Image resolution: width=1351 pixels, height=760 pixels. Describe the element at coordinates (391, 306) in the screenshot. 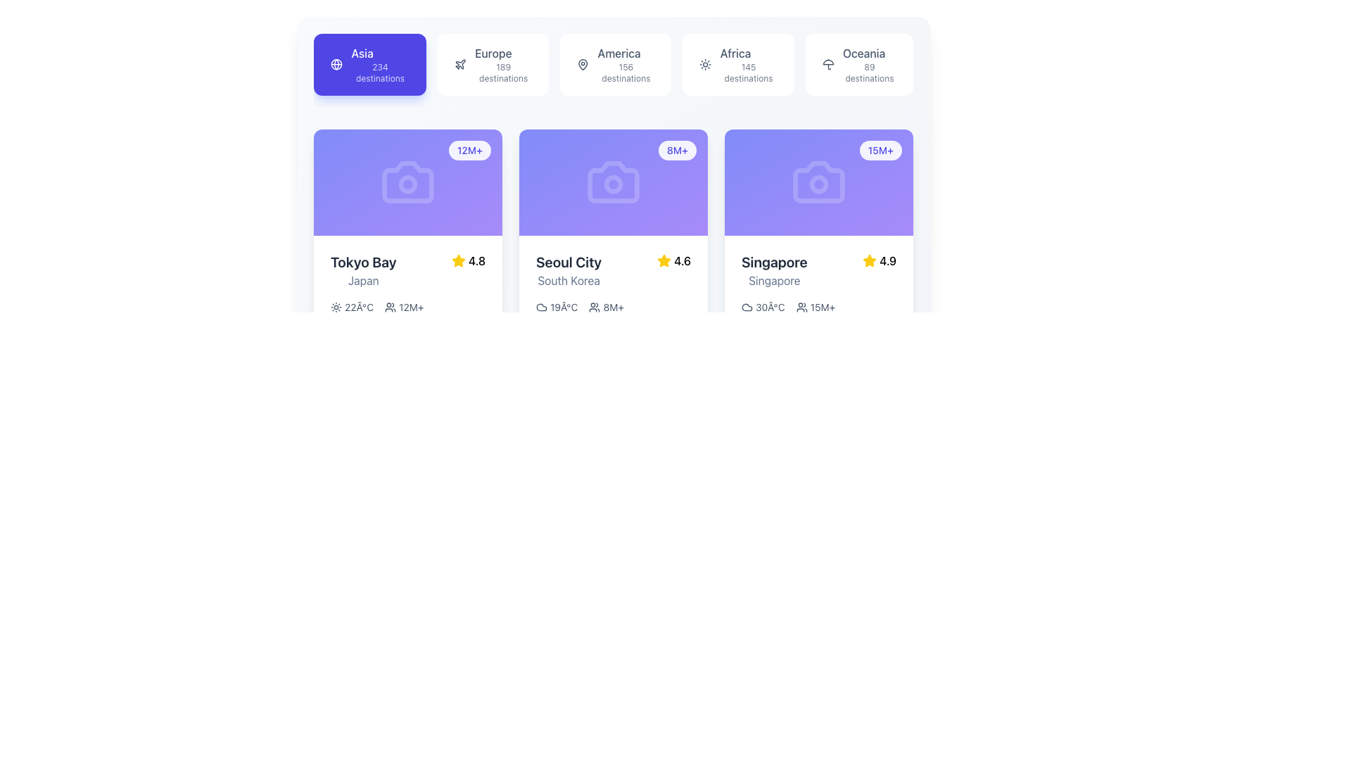

I see `the community icon representing '12M+' associated with Tokyo Bay, located in the bottom section of the card` at that location.